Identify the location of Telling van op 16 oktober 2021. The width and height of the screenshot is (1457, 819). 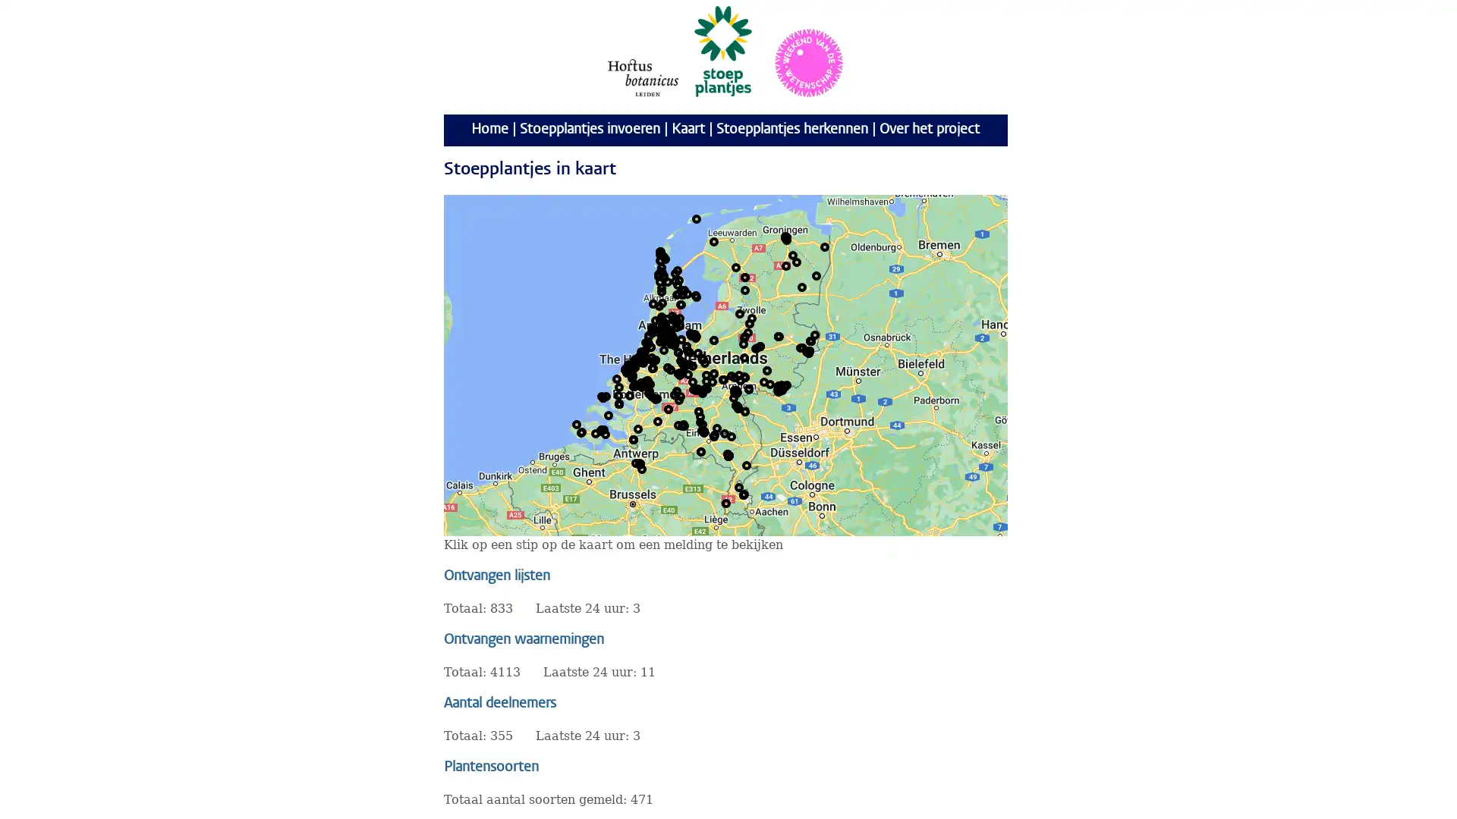
(672, 335).